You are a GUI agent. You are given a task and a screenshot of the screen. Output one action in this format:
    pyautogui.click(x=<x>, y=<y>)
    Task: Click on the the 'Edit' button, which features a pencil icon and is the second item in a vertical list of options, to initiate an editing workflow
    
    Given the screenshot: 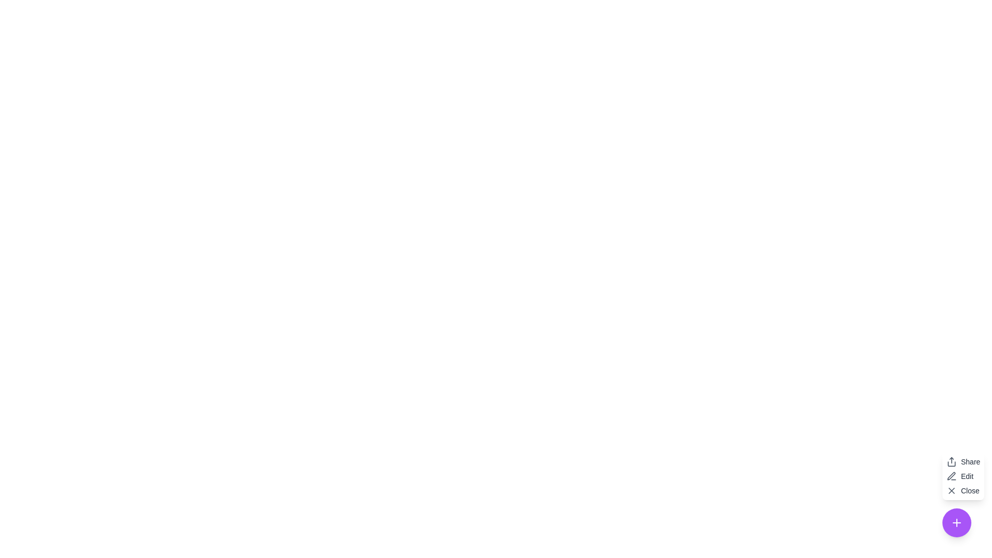 What is the action you would take?
    pyautogui.click(x=963, y=476)
    